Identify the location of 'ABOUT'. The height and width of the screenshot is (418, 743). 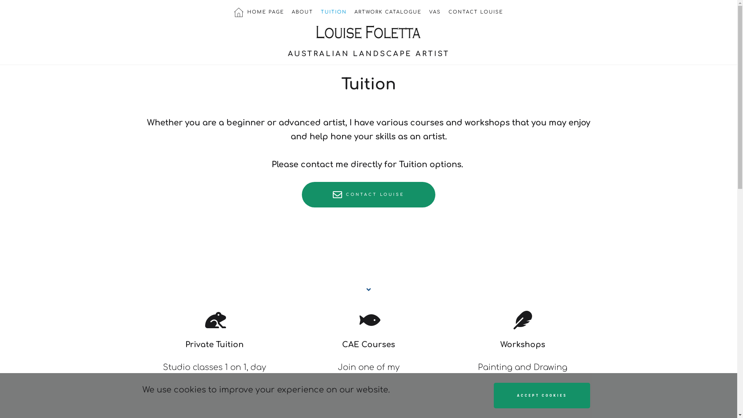
(302, 12).